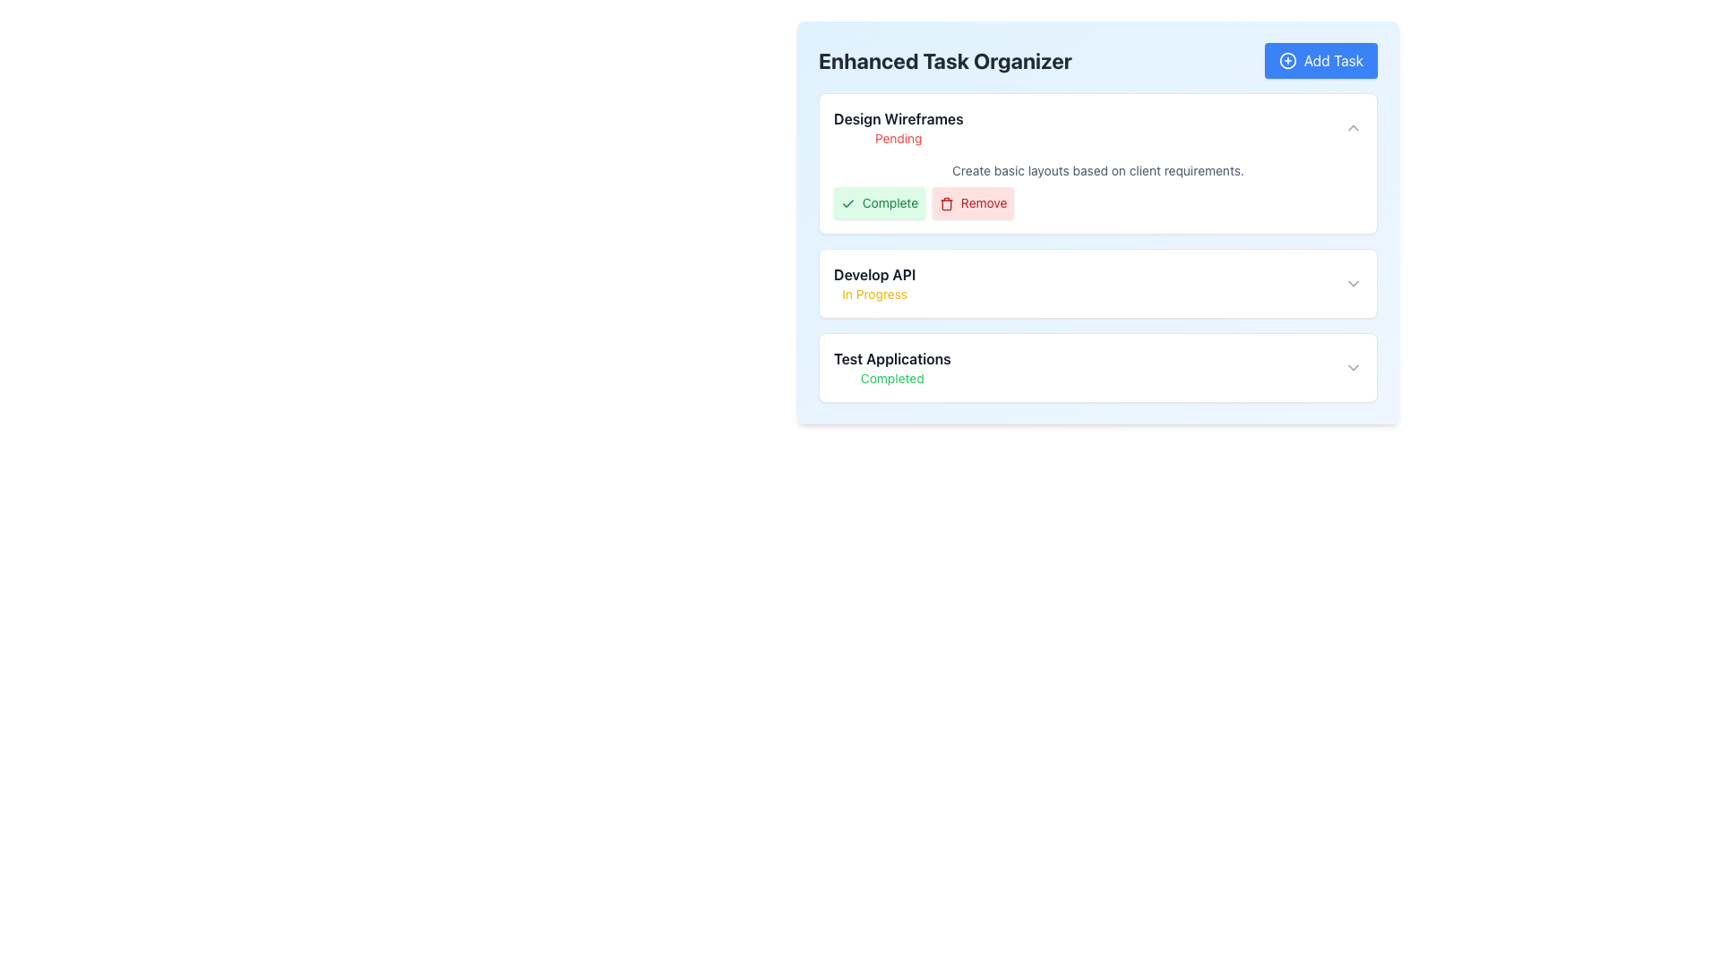 Image resolution: width=1720 pixels, height=967 pixels. I want to click on the second task descriptor label in the task organizer, which includes bold task name text and smaller status text, so click(874, 282).